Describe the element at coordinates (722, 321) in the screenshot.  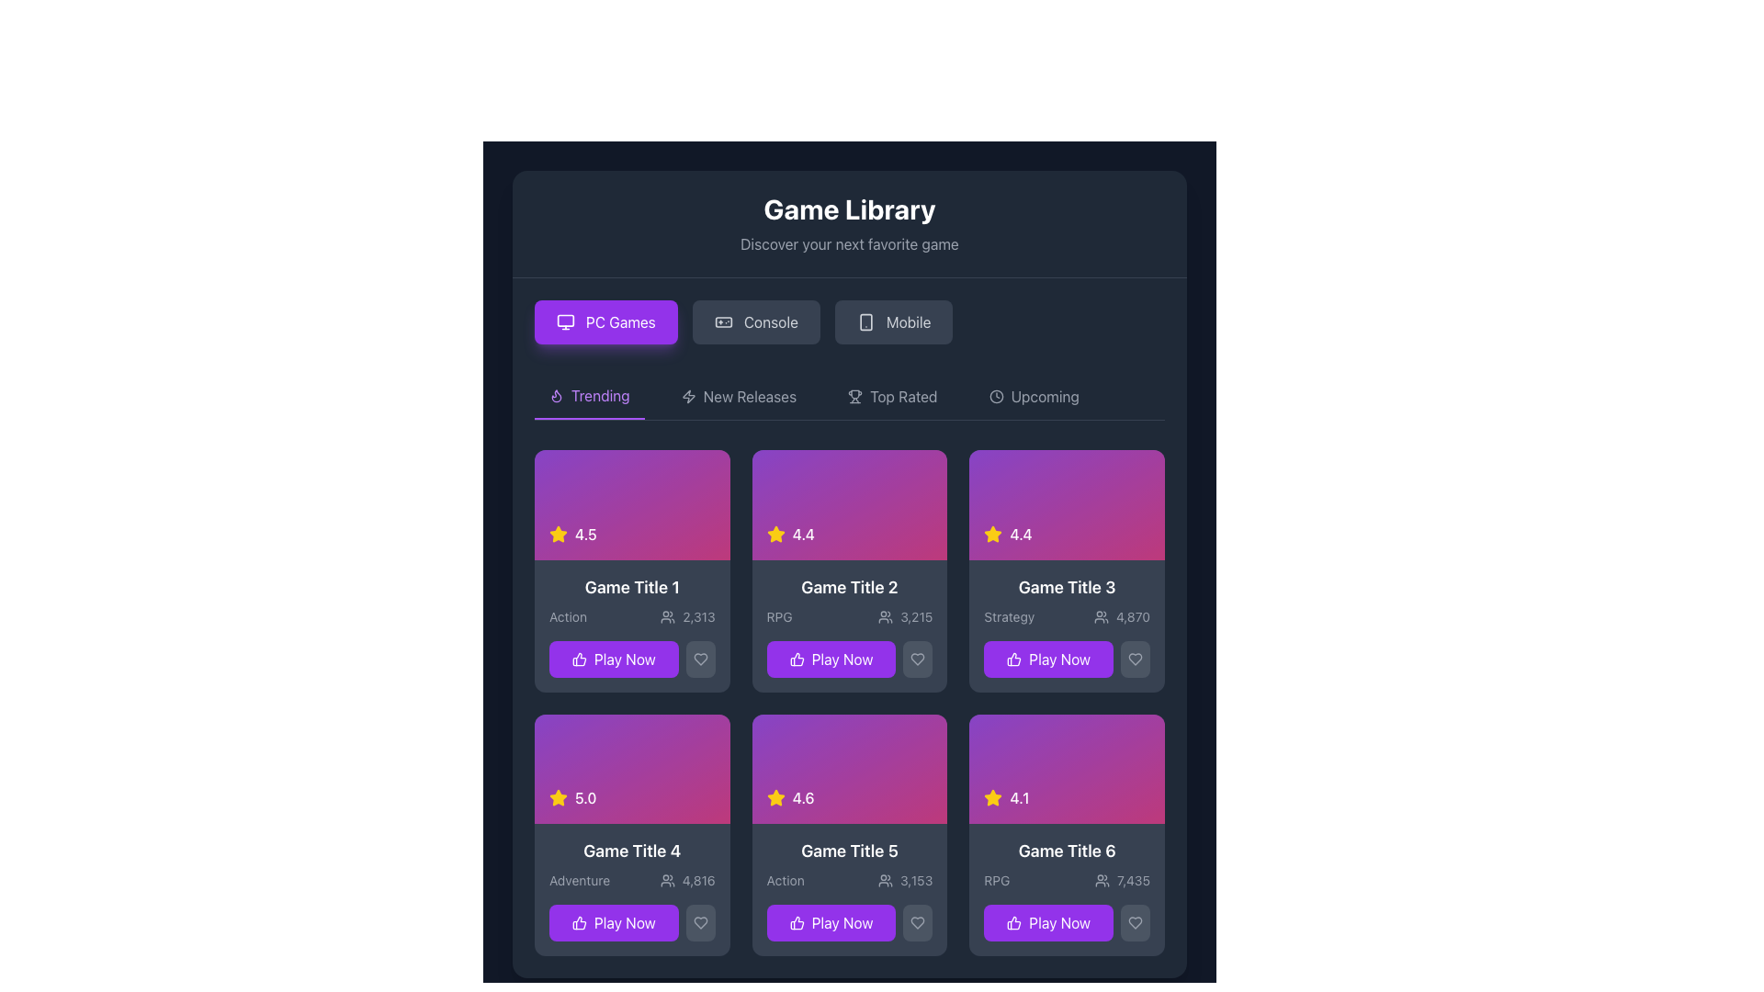
I see `the decorative SVG rectangle shape of the gamepad icon` at that location.